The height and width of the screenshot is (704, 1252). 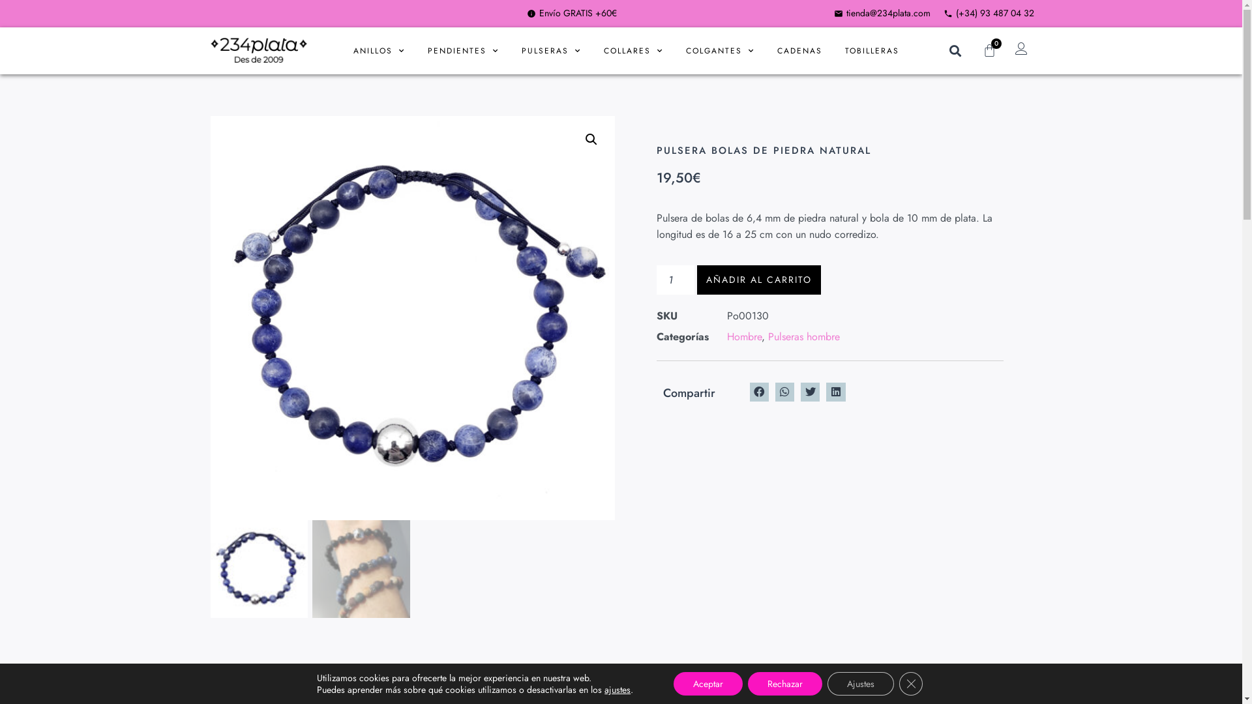 I want to click on '(+34) 93 487 04 32', so click(x=987, y=13).